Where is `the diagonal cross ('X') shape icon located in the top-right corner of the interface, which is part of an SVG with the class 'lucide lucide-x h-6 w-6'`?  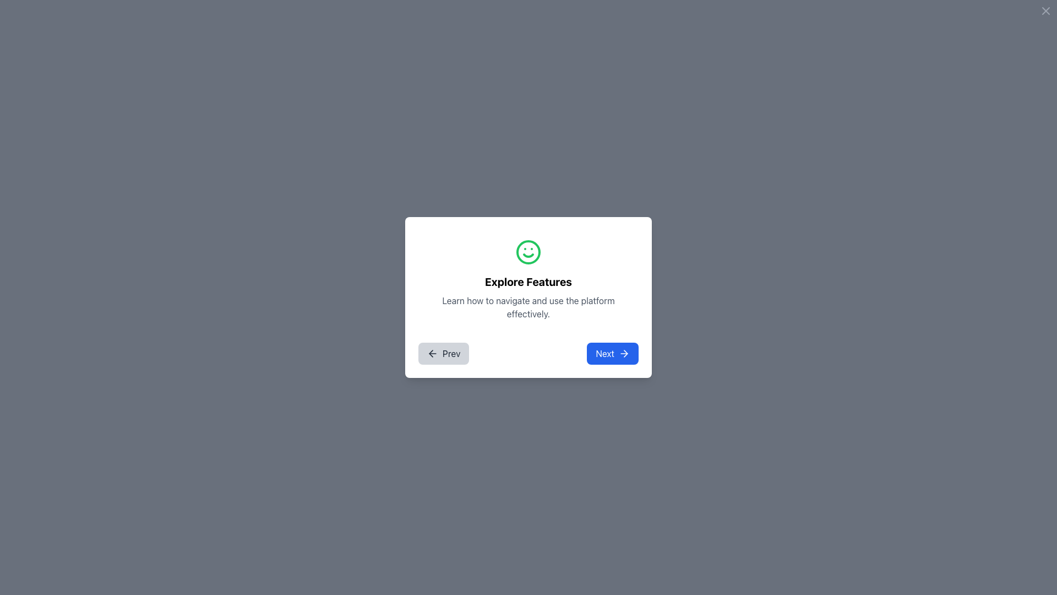 the diagonal cross ('X') shape icon located in the top-right corner of the interface, which is part of an SVG with the class 'lucide lucide-x h-6 w-6' is located at coordinates (1045, 10).